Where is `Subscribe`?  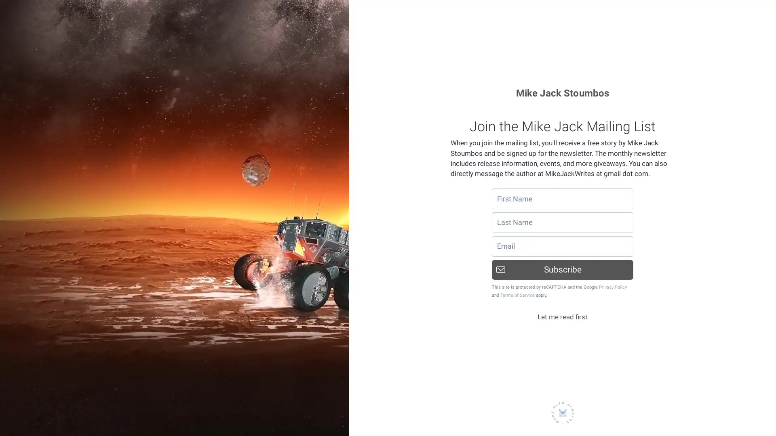 Subscribe is located at coordinates (562, 269).